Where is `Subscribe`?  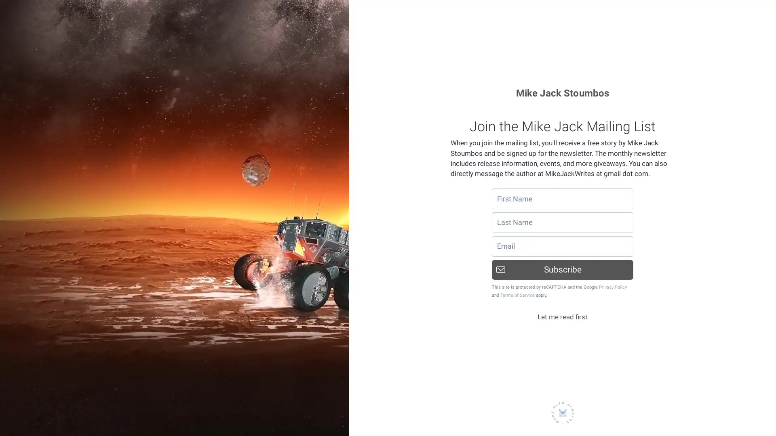 Subscribe is located at coordinates (562, 269).